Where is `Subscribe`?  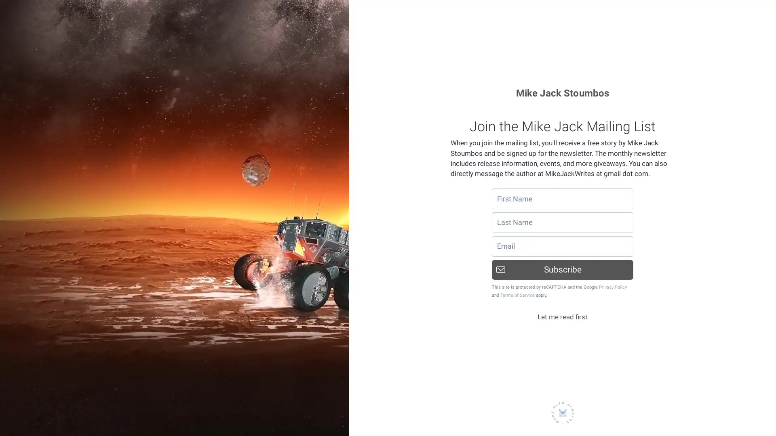 Subscribe is located at coordinates (562, 269).